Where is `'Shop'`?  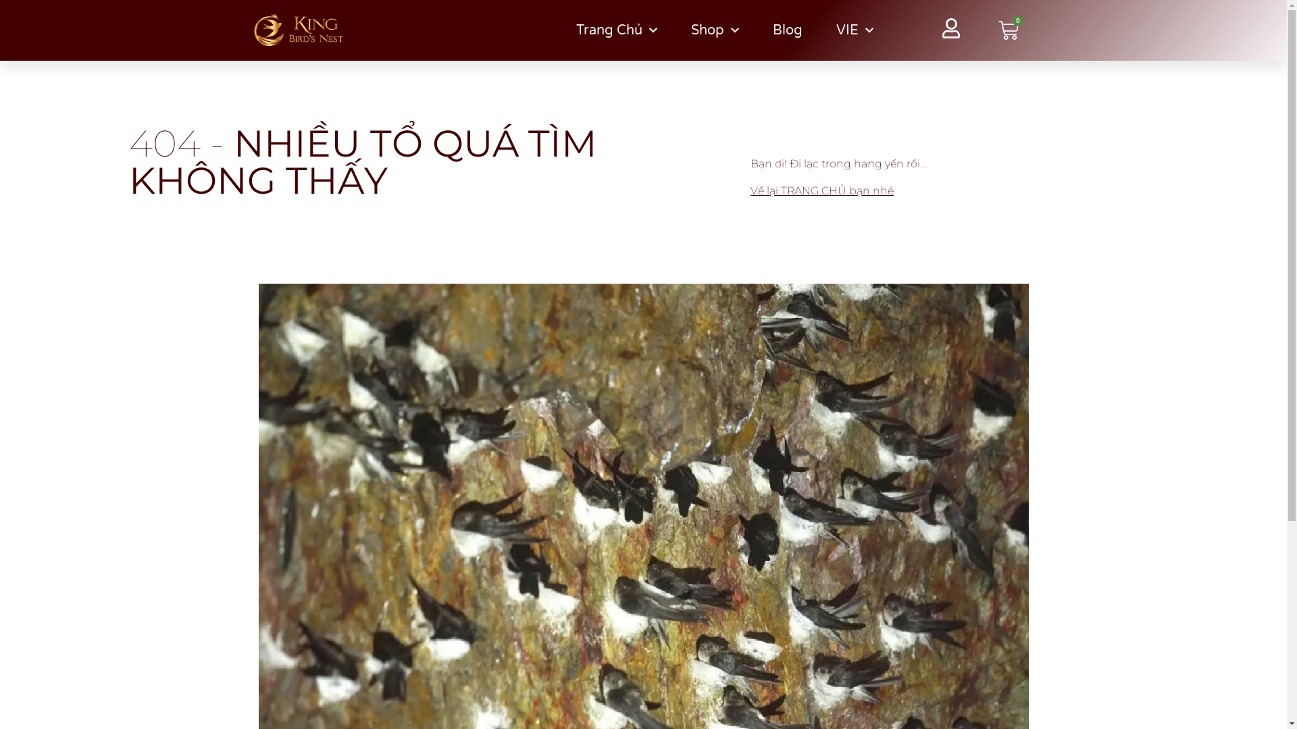
'Shop' is located at coordinates (713, 30).